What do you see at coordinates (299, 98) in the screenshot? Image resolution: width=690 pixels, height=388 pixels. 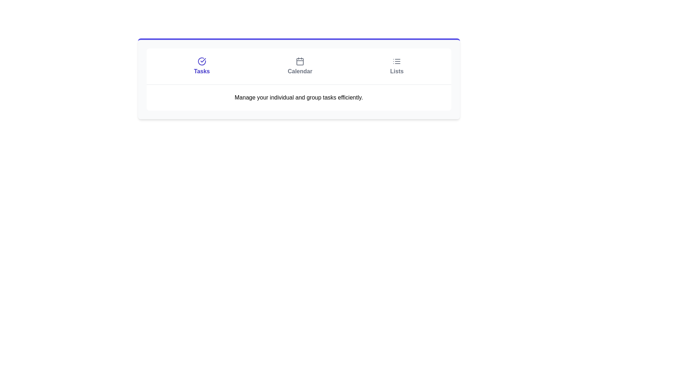 I see `the Text label that provides a descriptive statement about the functionality of the application section, located centrally below the 'Tasks', 'Calendar', and 'Lists' sections` at bounding box center [299, 98].